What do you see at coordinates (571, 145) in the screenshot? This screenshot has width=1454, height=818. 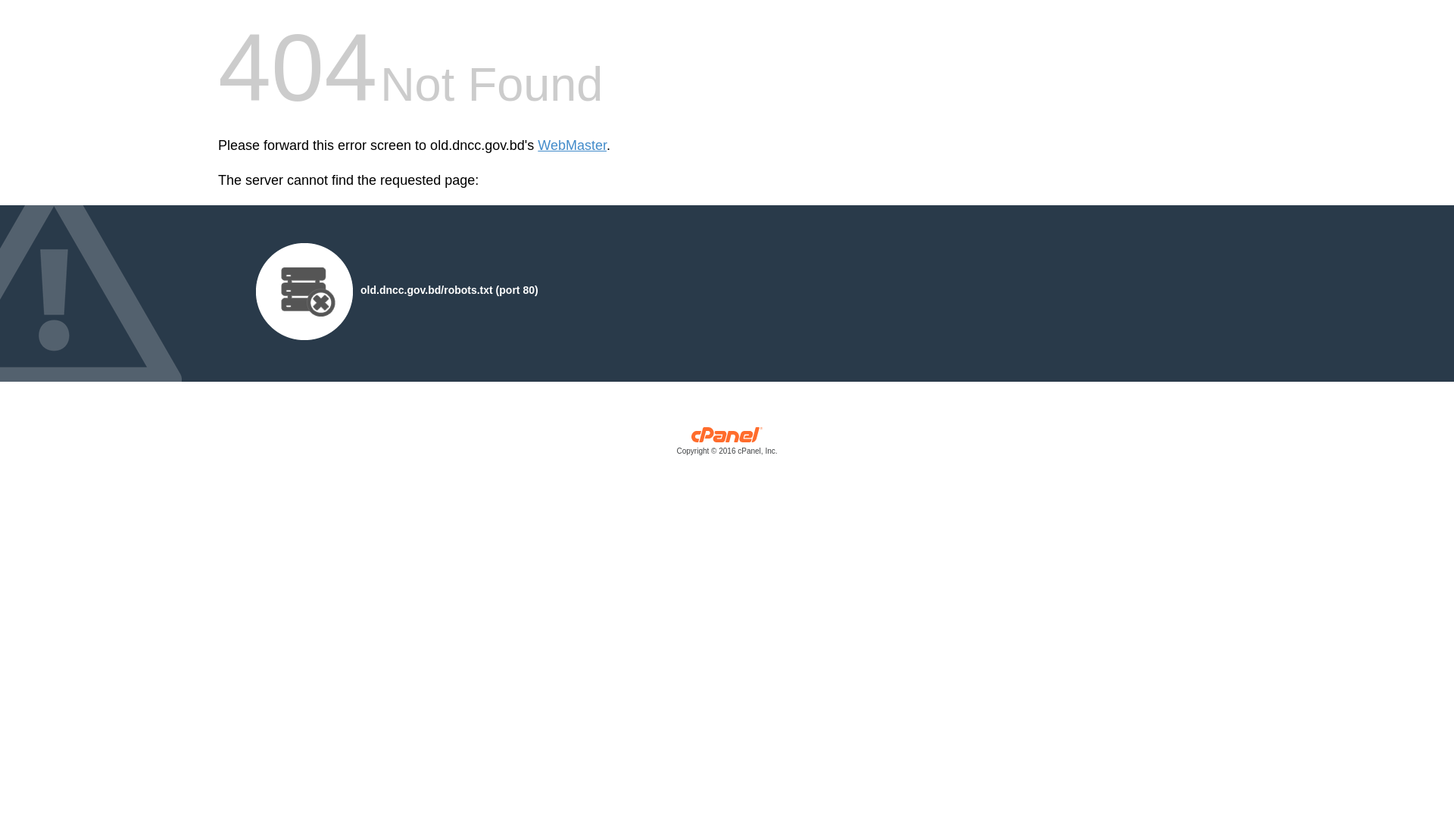 I see `'WebMaster'` at bounding box center [571, 145].